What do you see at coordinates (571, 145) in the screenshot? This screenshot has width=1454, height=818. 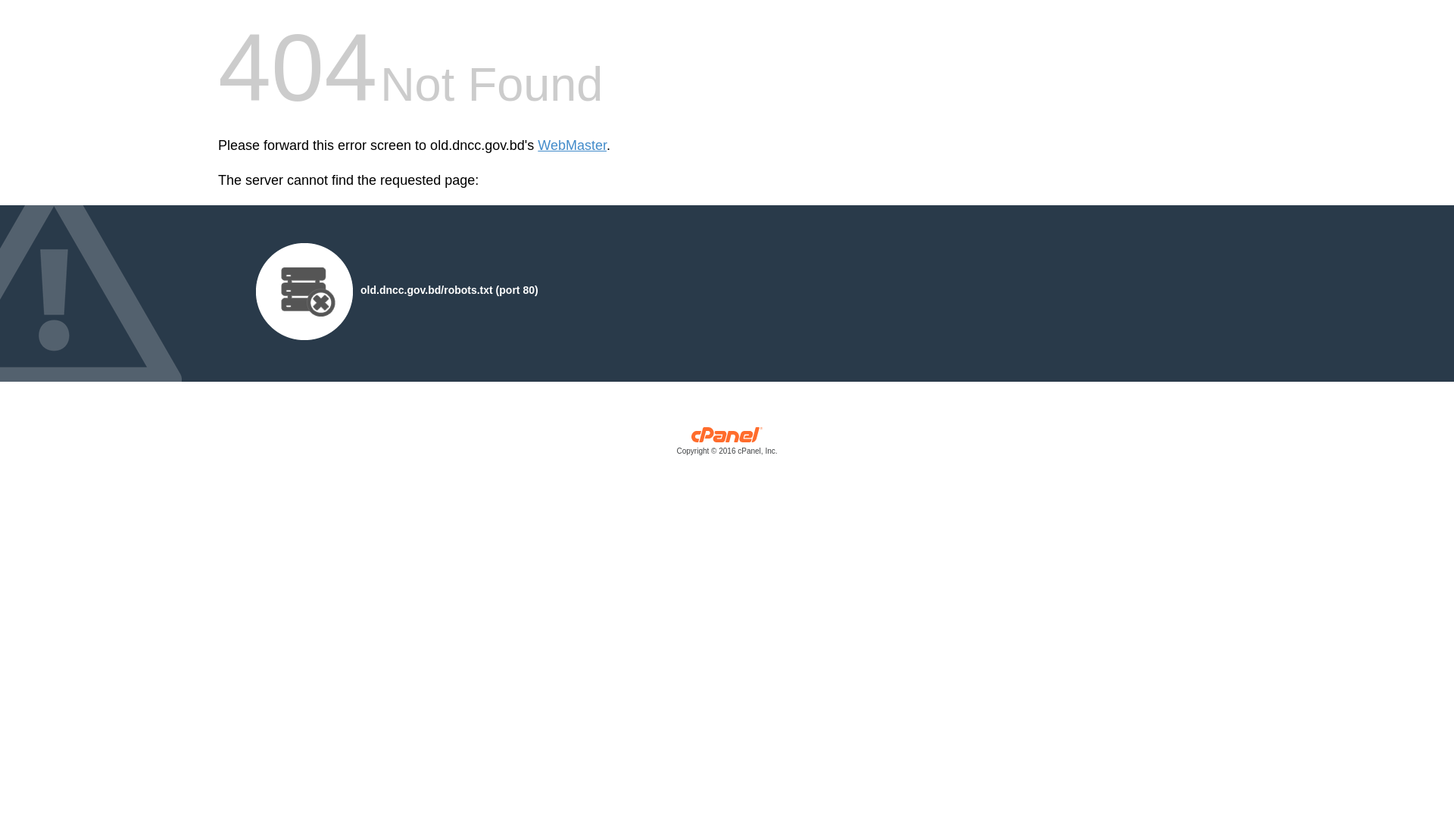 I see `'WebMaster'` at bounding box center [571, 145].